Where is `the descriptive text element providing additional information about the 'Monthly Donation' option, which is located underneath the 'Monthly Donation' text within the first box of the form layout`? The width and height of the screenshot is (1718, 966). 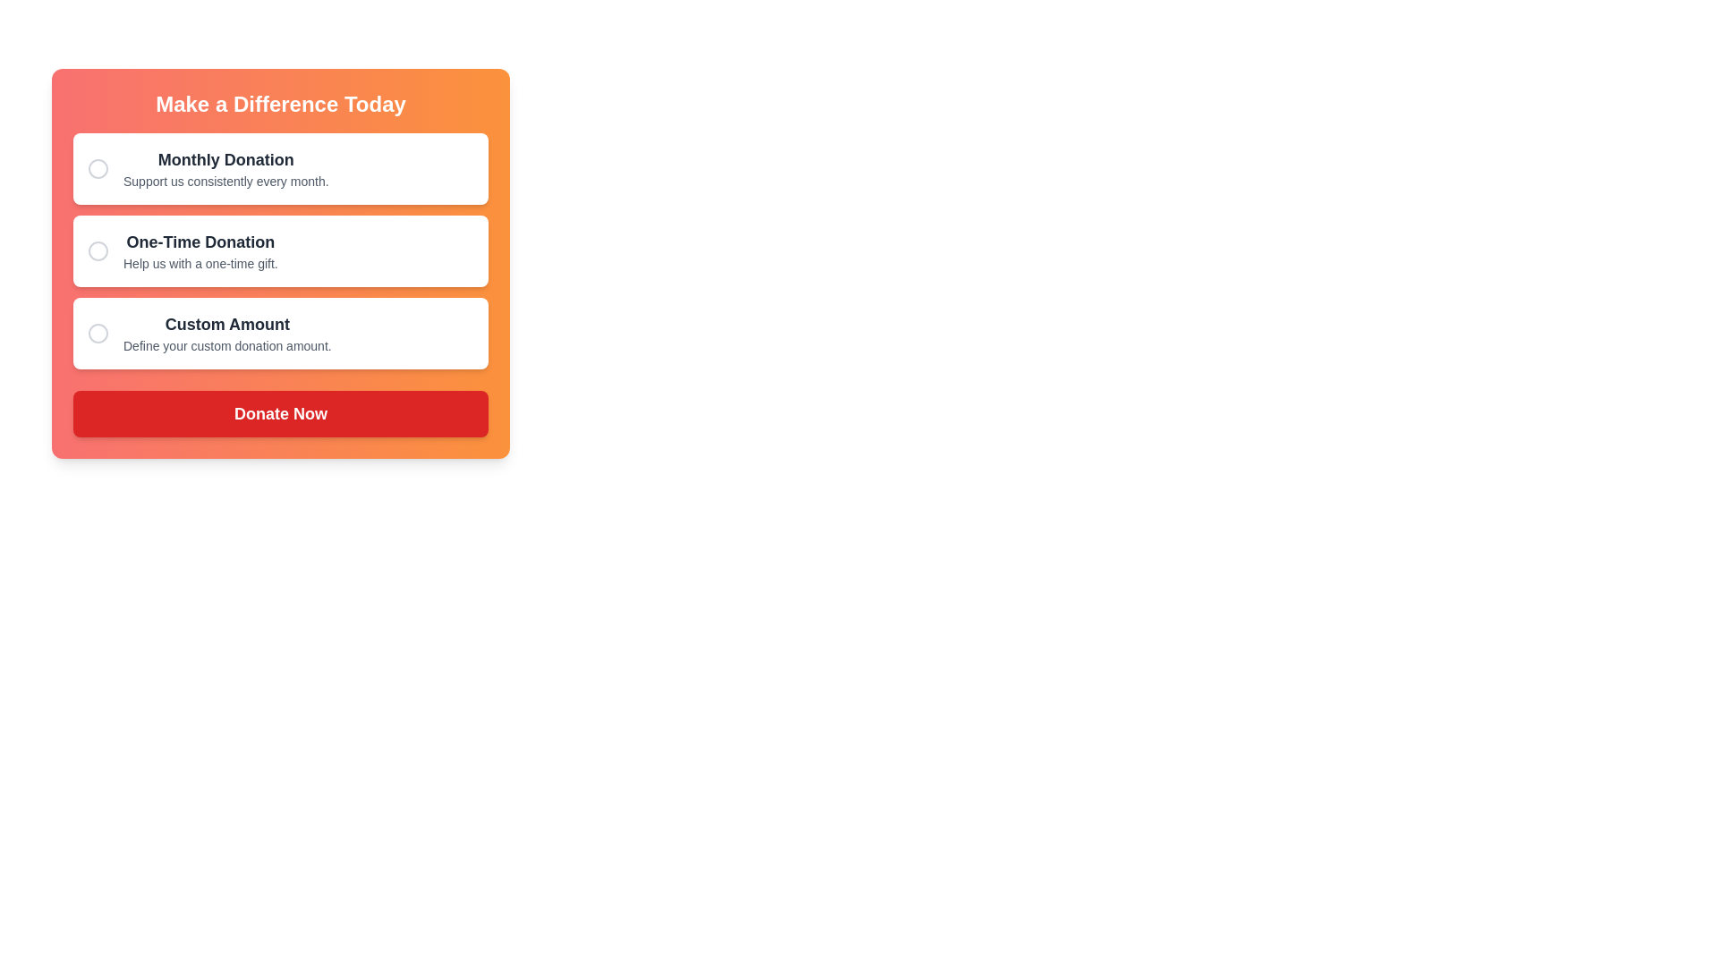
the descriptive text element providing additional information about the 'Monthly Donation' option, which is located underneath the 'Monthly Donation' text within the first box of the form layout is located at coordinates (225, 182).